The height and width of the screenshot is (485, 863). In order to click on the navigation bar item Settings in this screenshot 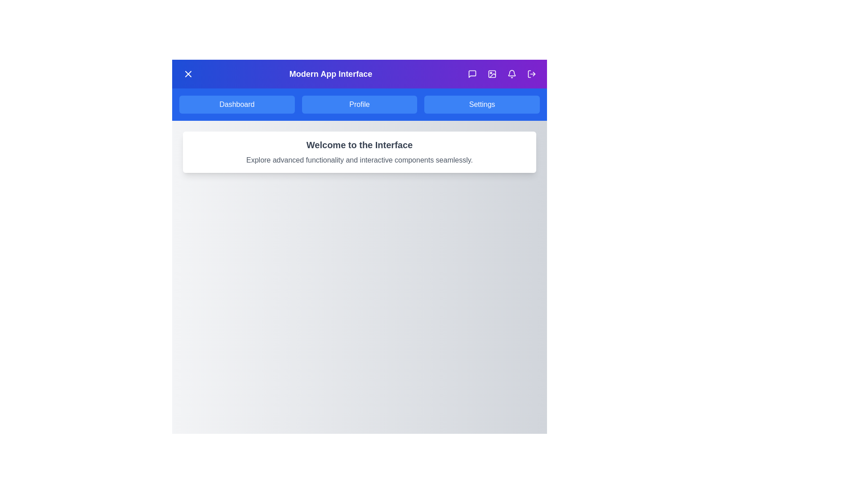, I will do `click(481, 104)`.